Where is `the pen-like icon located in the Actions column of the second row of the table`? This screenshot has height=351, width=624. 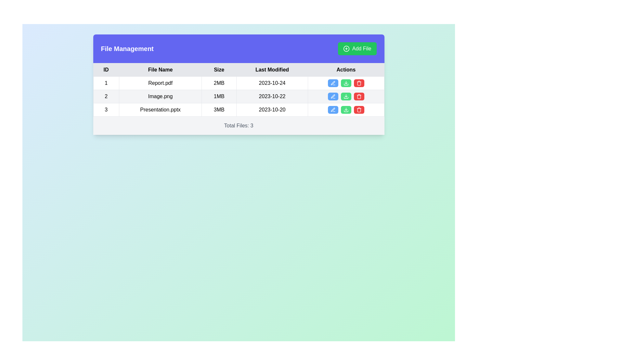
the pen-like icon located in the Actions column of the second row of the table is located at coordinates (333, 83).